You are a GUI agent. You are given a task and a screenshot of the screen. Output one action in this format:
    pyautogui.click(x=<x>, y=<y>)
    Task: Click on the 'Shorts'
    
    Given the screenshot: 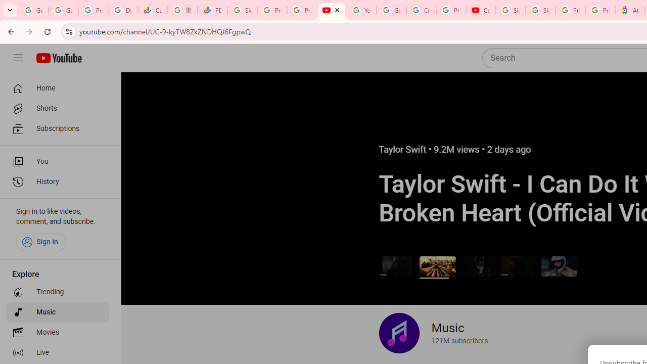 What is the action you would take?
    pyautogui.click(x=57, y=108)
    